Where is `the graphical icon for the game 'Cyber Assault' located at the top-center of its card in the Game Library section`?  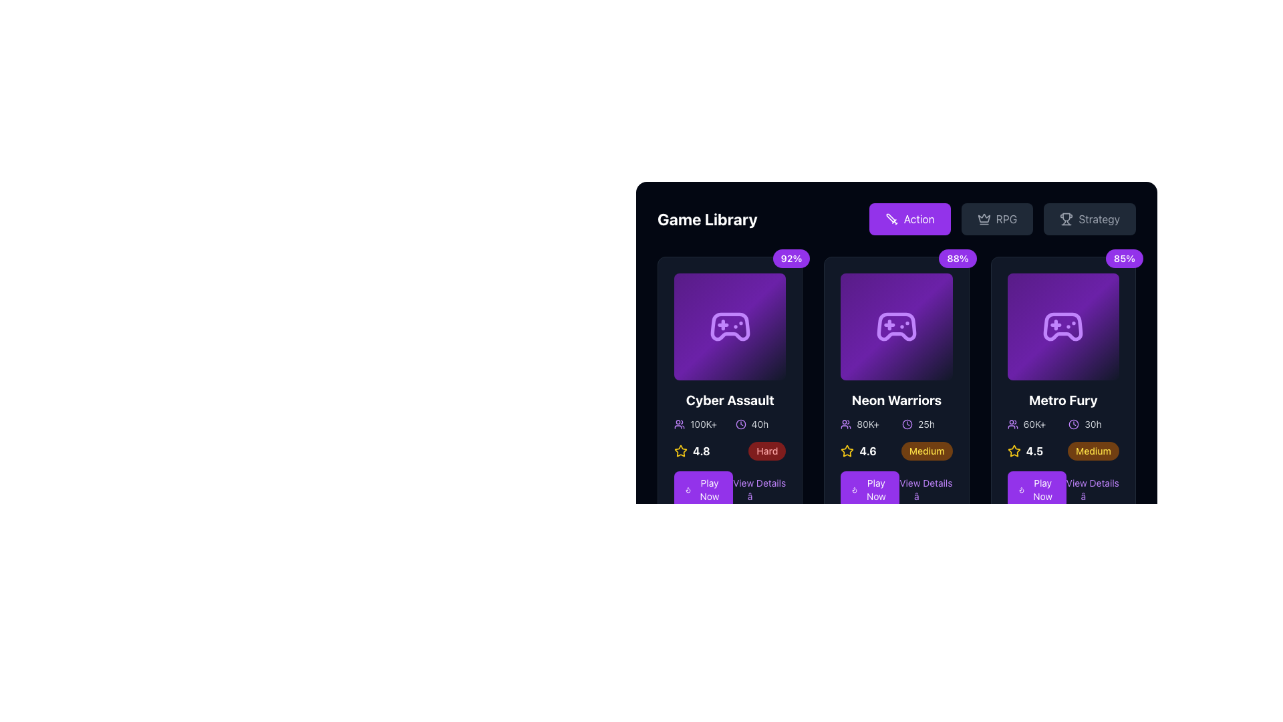 the graphical icon for the game 'Cyber Assault' located at the top-center of its card in the Game Library section is located at coordinates (729, 327).